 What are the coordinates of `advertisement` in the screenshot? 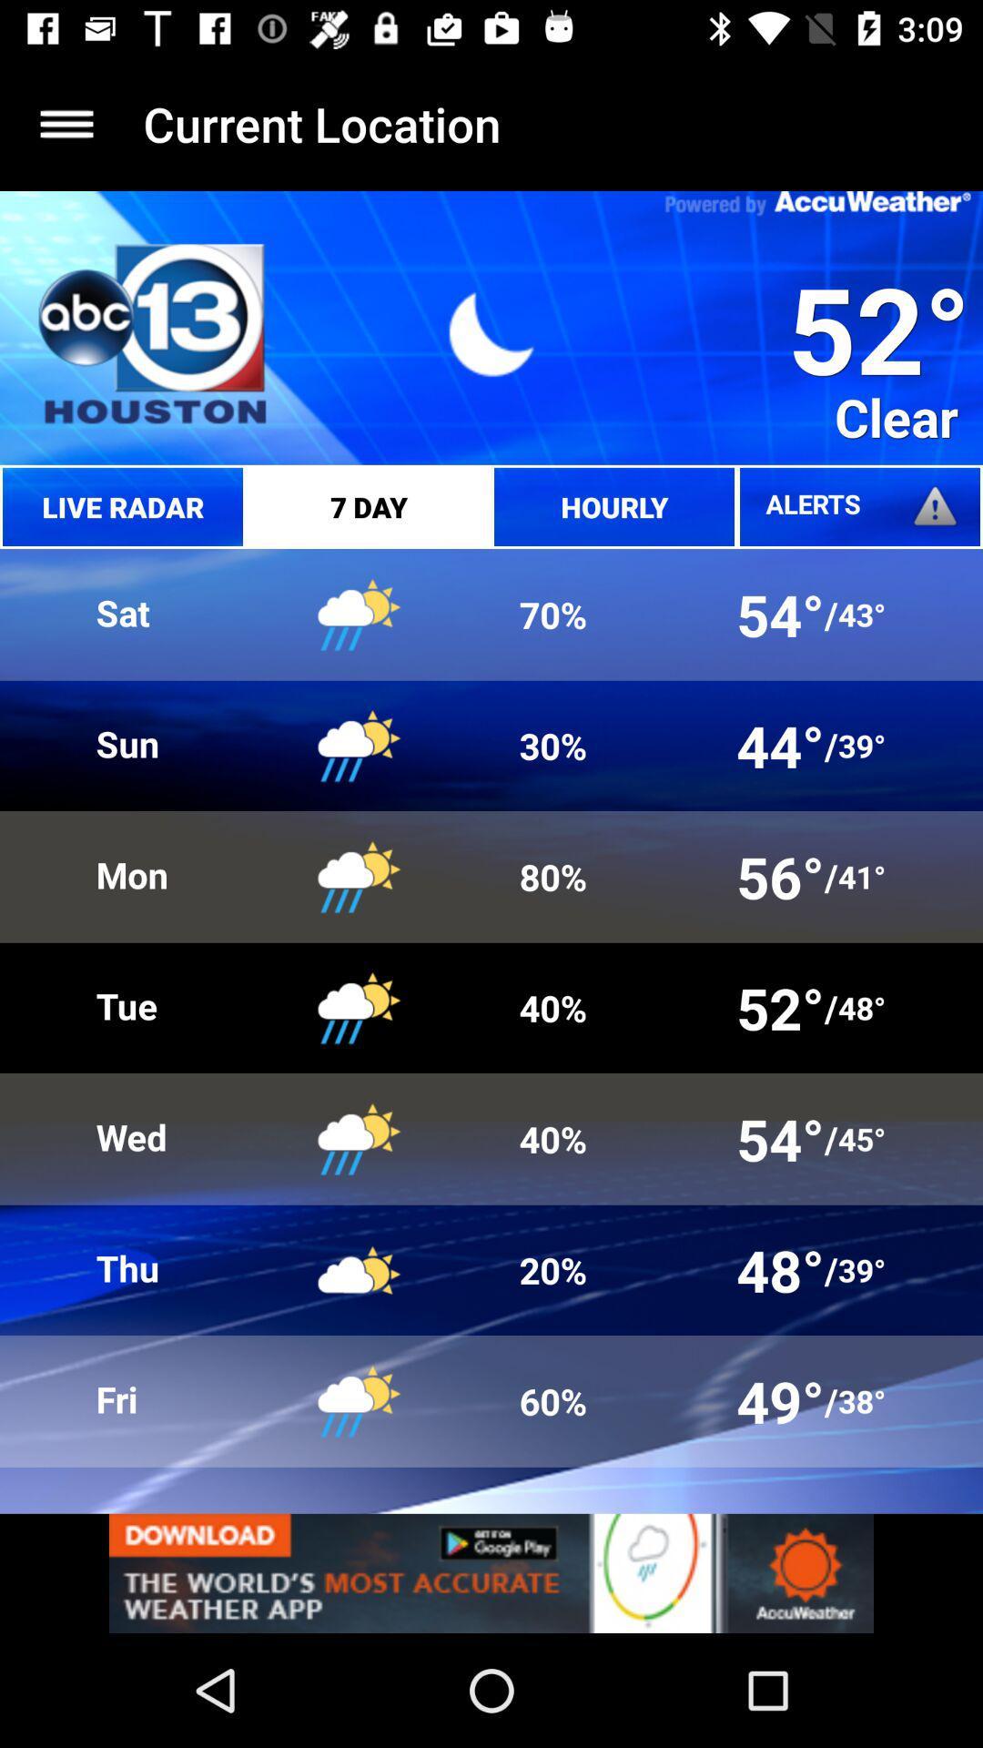 It's located at (491, 1572).